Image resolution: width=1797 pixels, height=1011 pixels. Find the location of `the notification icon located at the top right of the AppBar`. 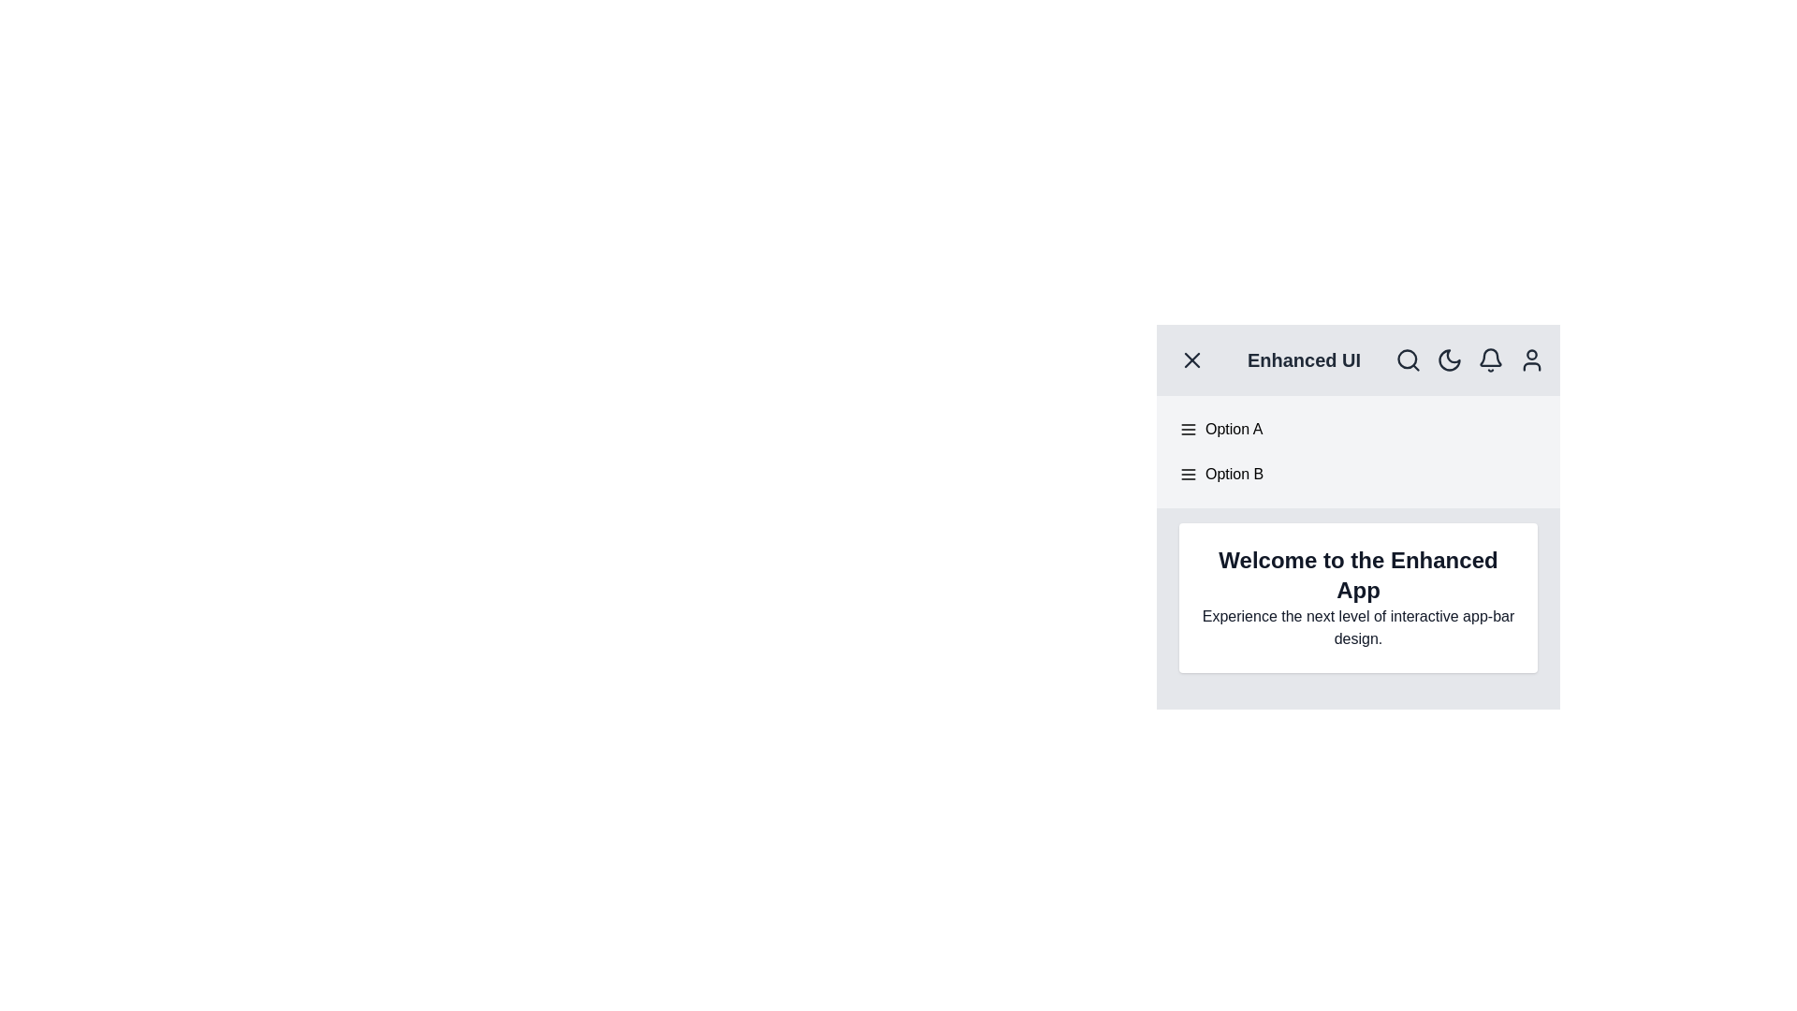

the notification icon located at the top right of the AppBar is located at coordinates (1490, 360).